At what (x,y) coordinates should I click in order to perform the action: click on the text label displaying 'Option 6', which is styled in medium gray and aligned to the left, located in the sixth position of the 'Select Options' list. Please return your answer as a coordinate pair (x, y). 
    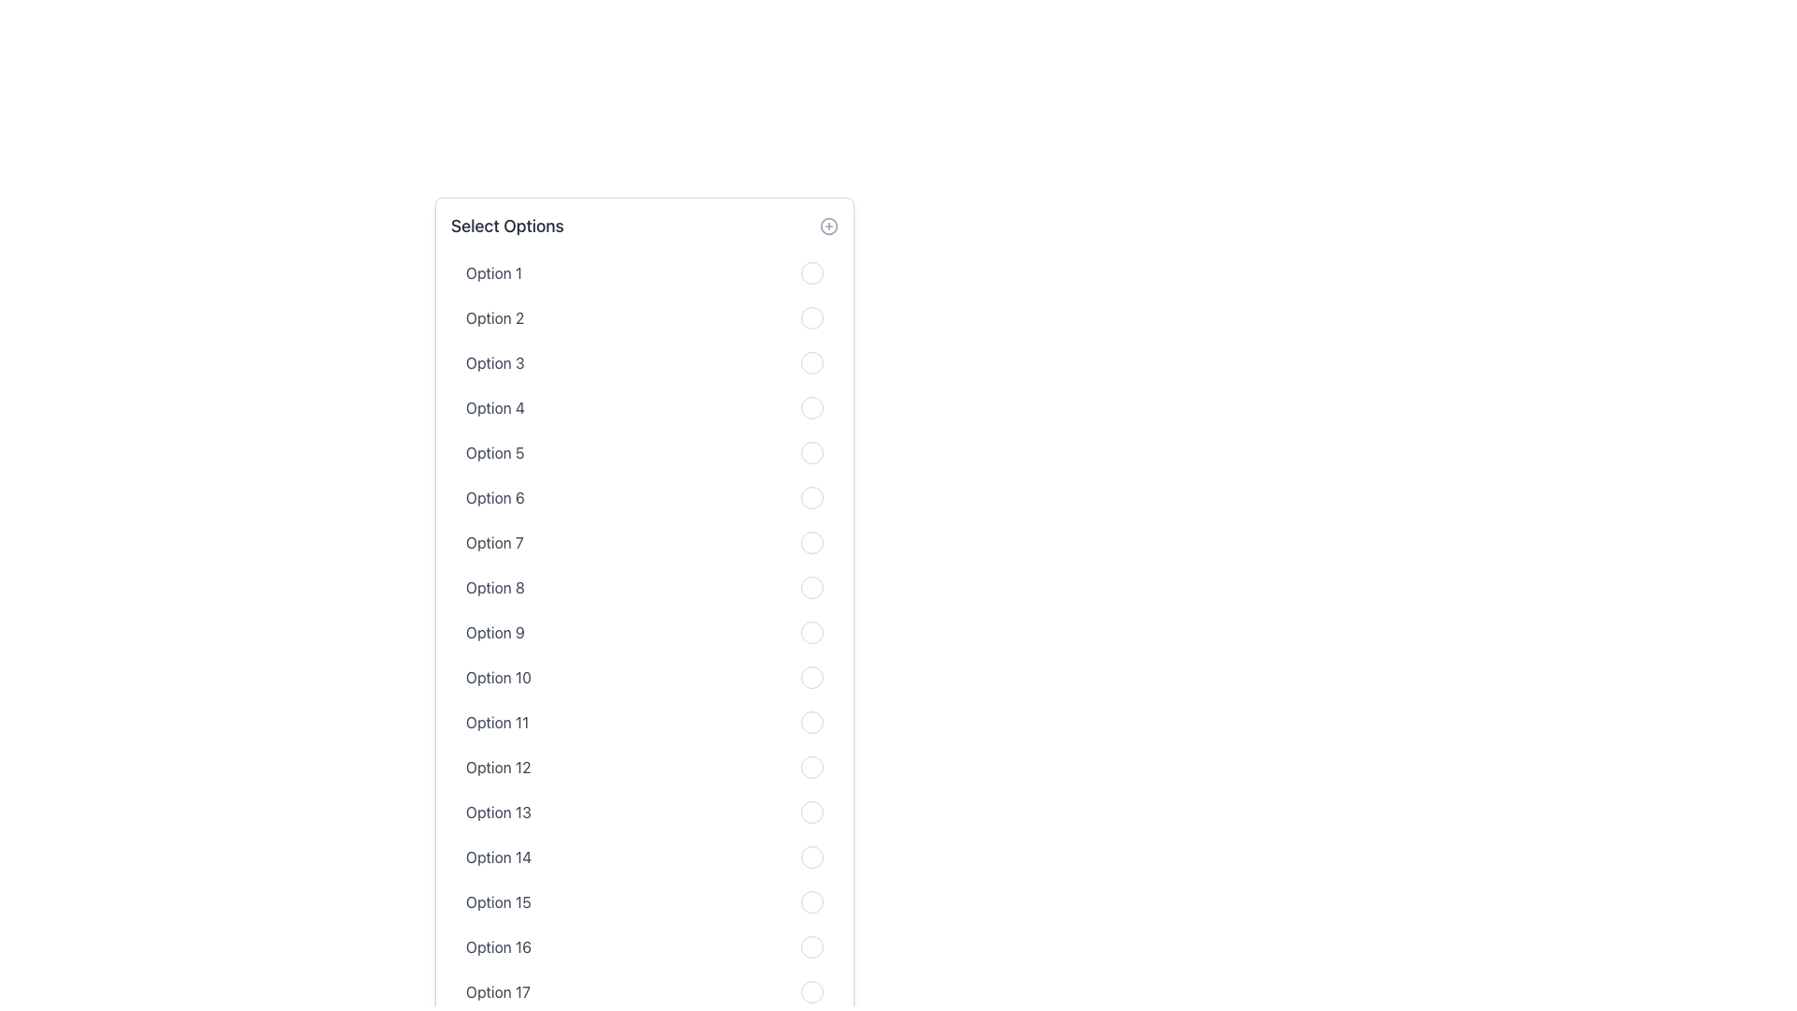
    Looking at the image, I should click on (495, 497).